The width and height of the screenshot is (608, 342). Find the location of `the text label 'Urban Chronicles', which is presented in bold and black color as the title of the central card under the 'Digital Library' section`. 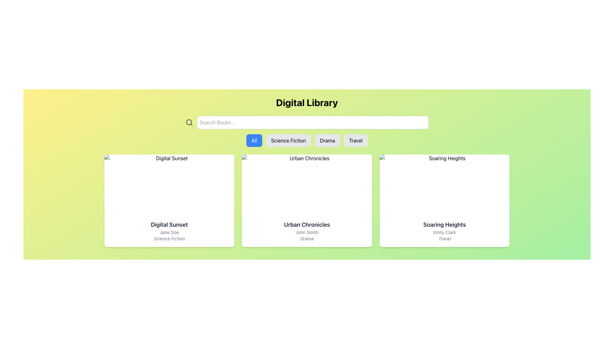

the text label 'Urban Chronicles', which is presented in bold and black color as the title of the central card under the 'Digital Library' section is located at coordinates (307, 224).